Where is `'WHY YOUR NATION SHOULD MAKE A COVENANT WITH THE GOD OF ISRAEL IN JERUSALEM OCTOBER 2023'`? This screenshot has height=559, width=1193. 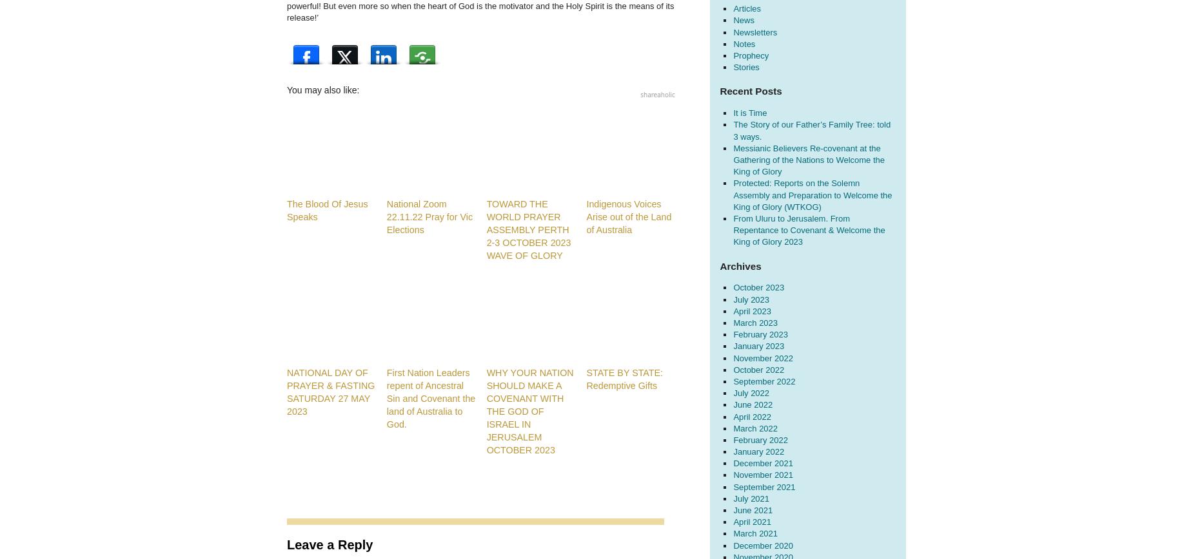 'WHY YOUR NATION SHOULD MAKE A COVENANT WITH THE GOD OF ISRAEL IN JERUSALEM OCTOBER 2023' is located at coordinates (486, 411).